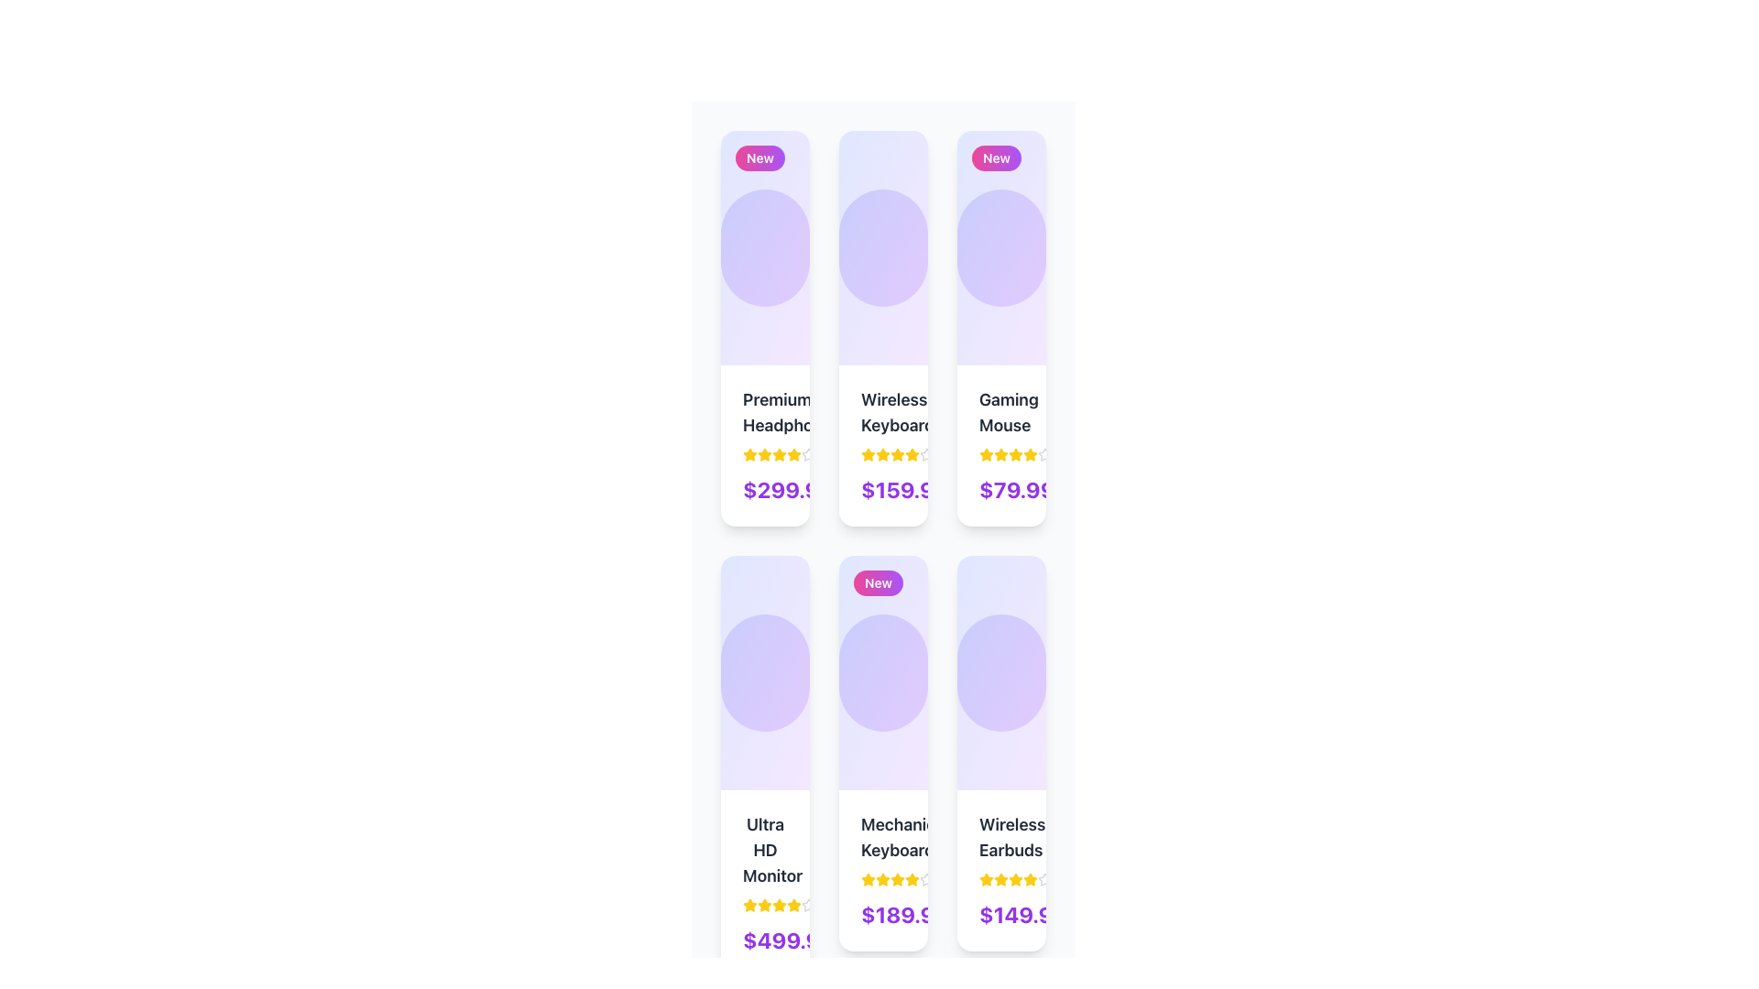 This screenshot has height=989, width=1759. Describe the element at coordinates (946, 673) in the screenshot. I see `the eye-like SVG graphic element located in the middle column of the second row of the 'Mechanical Keyboard' product card, which is styled with a grayish tone and positioned below the 'New' tag` at that location.